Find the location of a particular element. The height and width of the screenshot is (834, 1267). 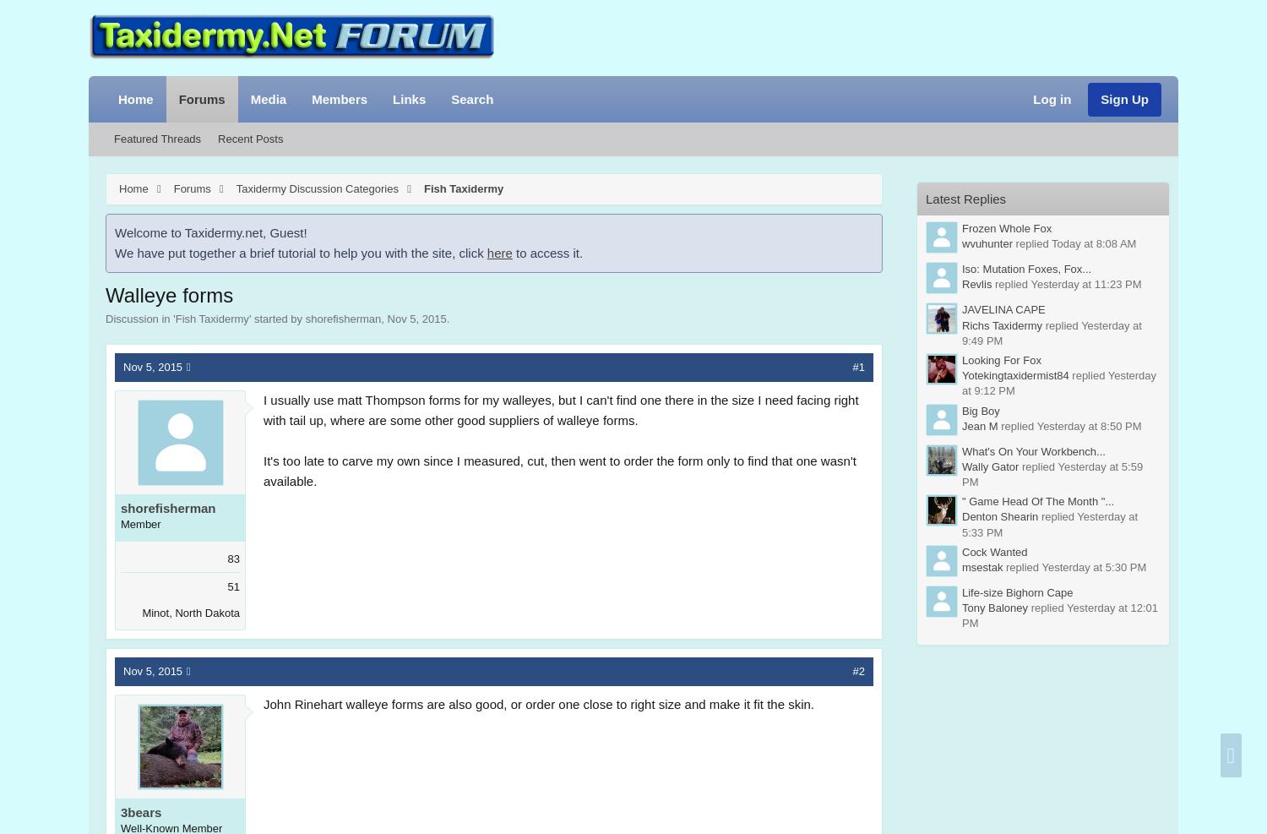

'Walleye forms' is located at coordinates (168, 294).